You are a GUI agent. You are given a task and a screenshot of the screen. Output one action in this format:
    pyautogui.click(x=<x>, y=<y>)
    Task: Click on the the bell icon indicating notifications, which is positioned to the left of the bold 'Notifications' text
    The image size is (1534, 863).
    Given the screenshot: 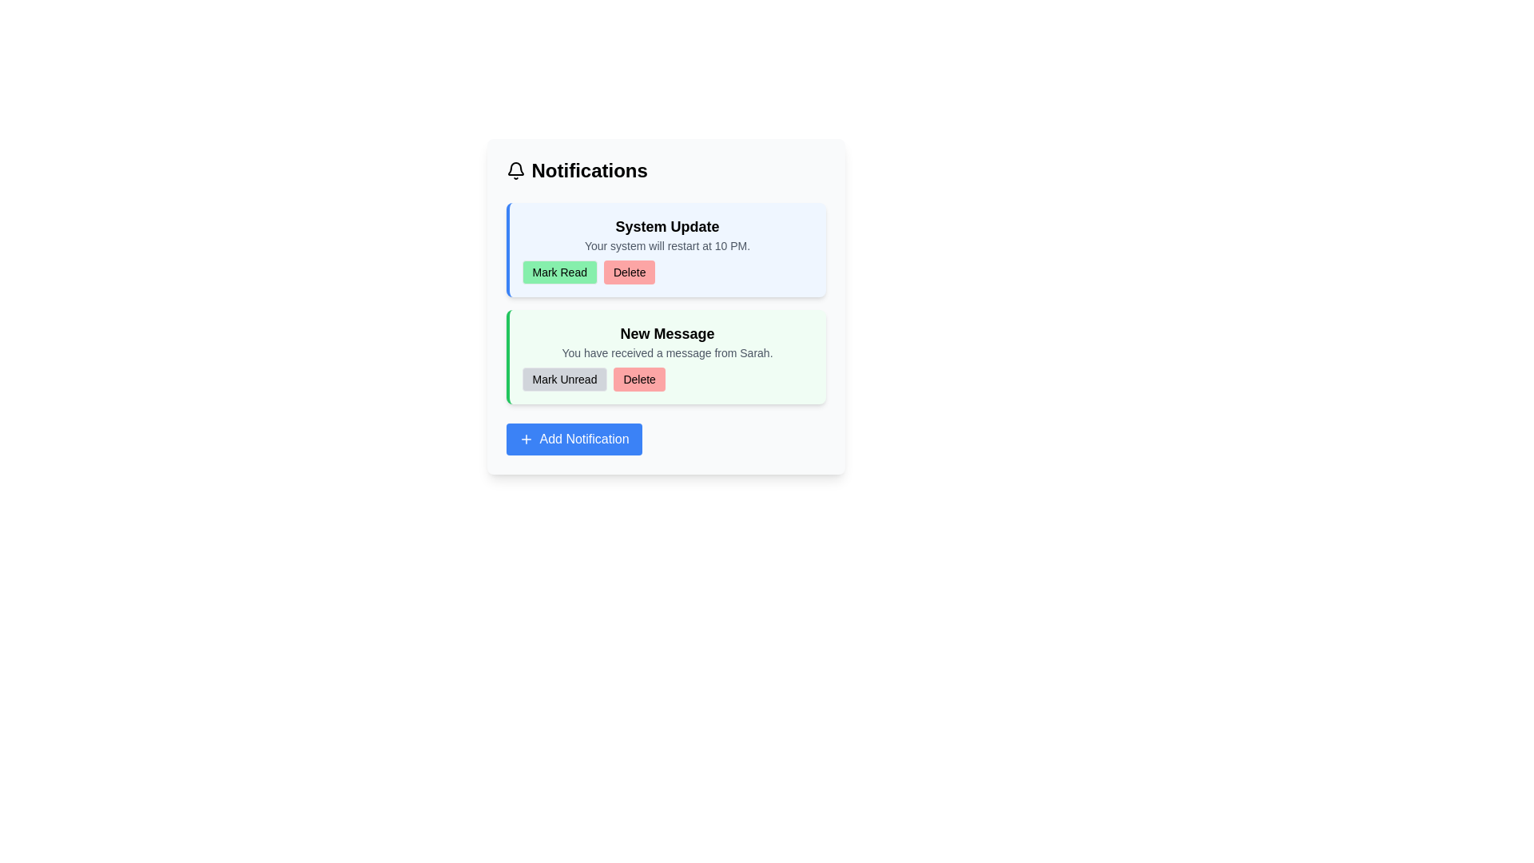 What is the action you would take?
    pyautogui.click(x=515, y=170)
    